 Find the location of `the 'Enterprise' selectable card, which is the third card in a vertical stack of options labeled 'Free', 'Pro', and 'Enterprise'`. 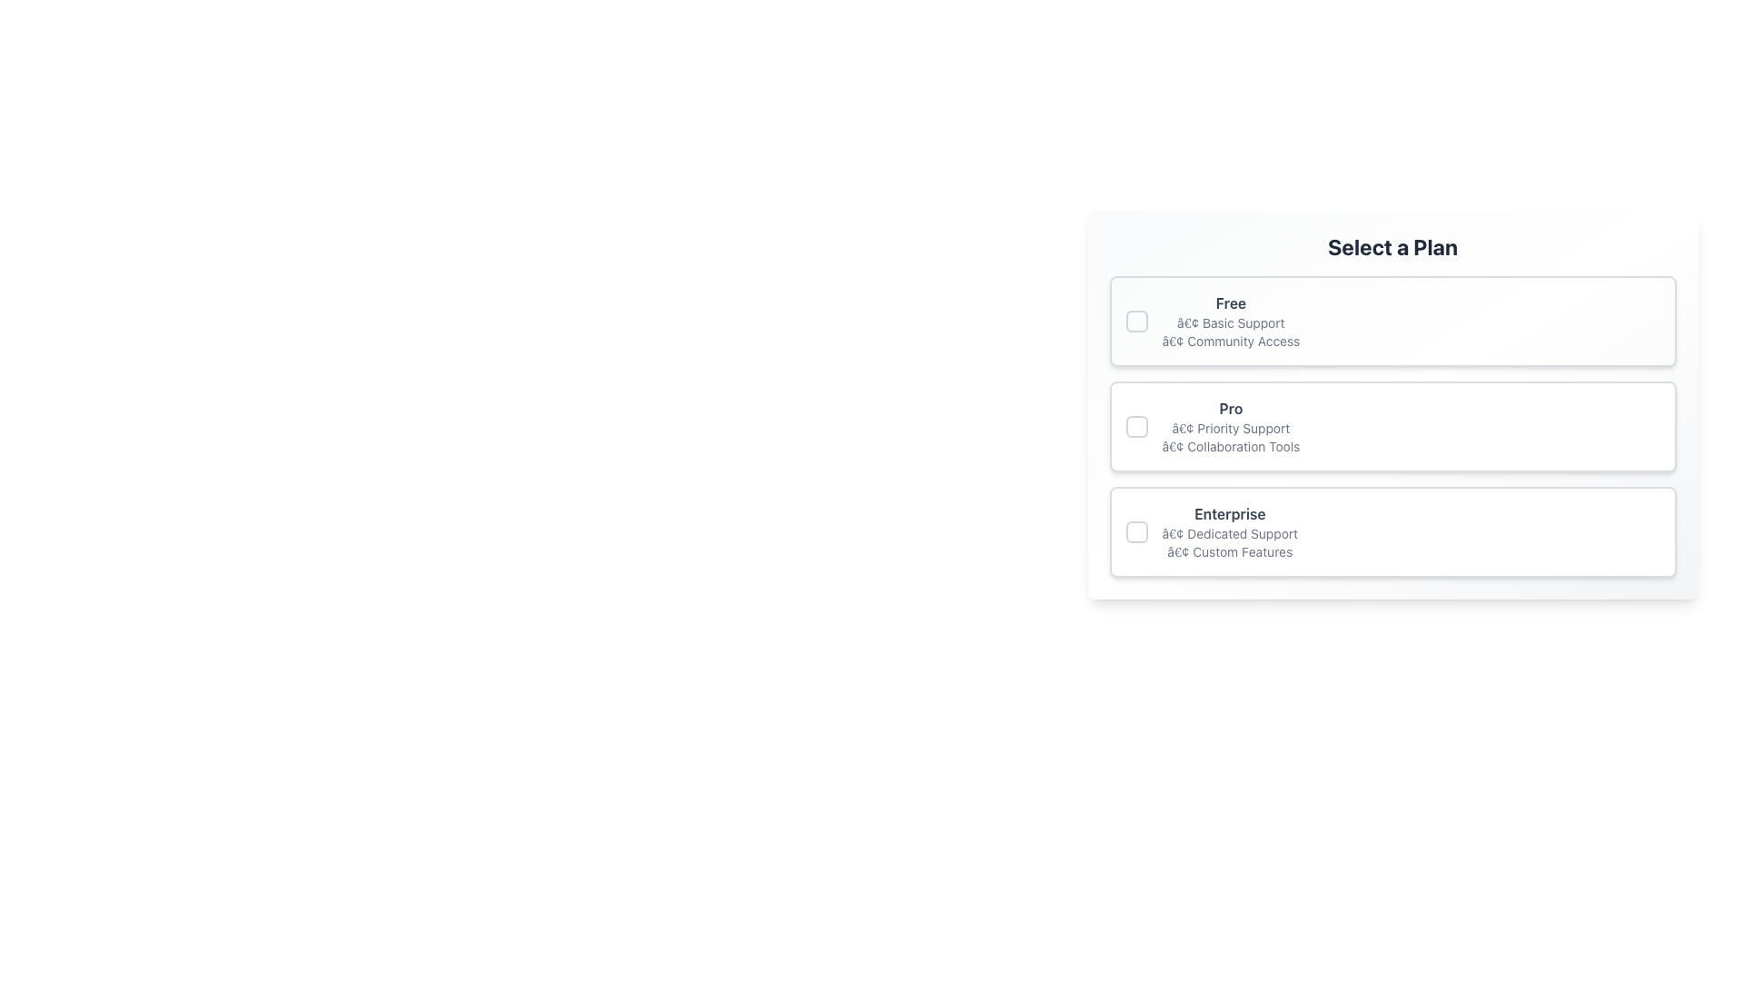

the 'Enterprise' selectable card, which is the third card in a vertical stack of options labeled 'Free', 'Pro', and 'Enterprise' is located at coordinates (1392, 531).